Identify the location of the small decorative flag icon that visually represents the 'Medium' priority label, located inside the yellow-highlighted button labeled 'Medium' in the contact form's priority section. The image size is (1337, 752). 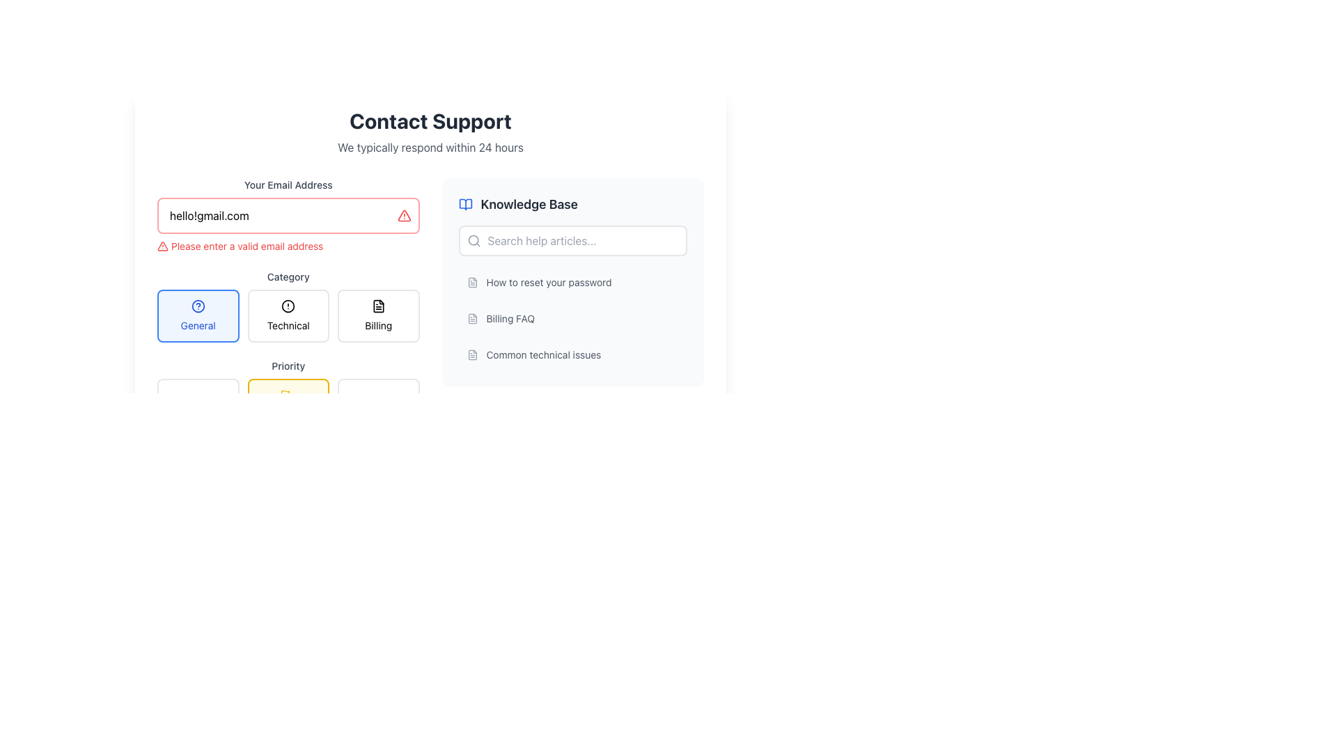
(285, 395).